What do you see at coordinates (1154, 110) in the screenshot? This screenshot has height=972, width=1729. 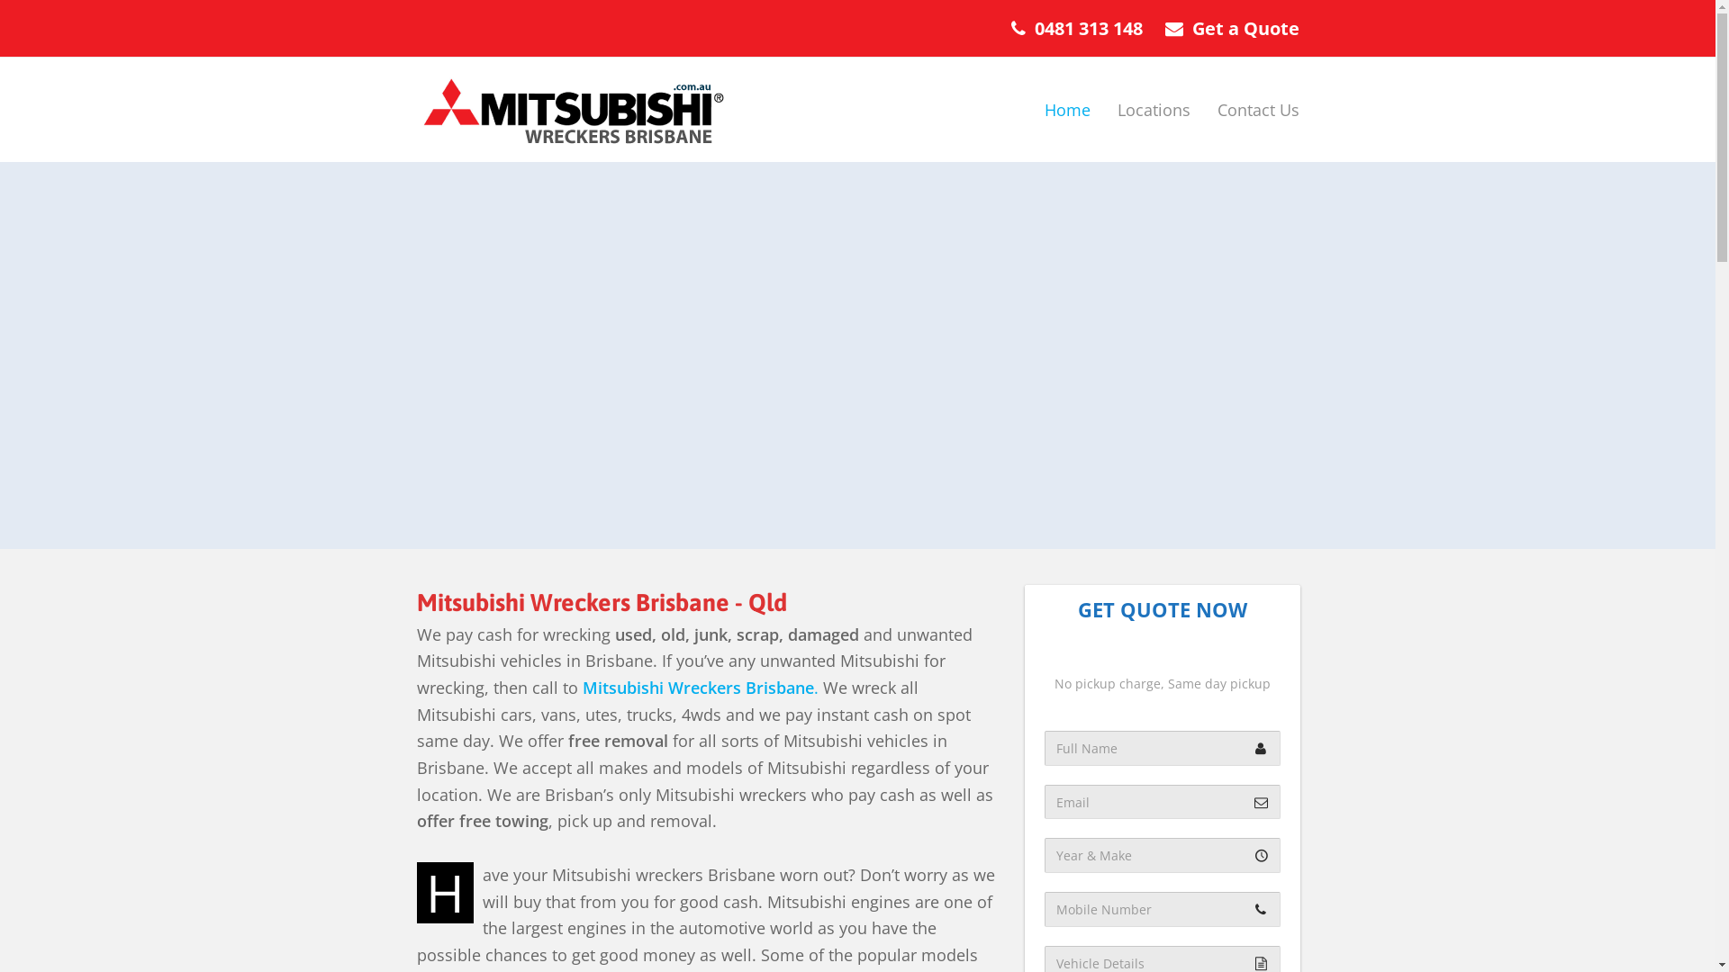 I see `'Locations'` at bounding box center [1154, 110].